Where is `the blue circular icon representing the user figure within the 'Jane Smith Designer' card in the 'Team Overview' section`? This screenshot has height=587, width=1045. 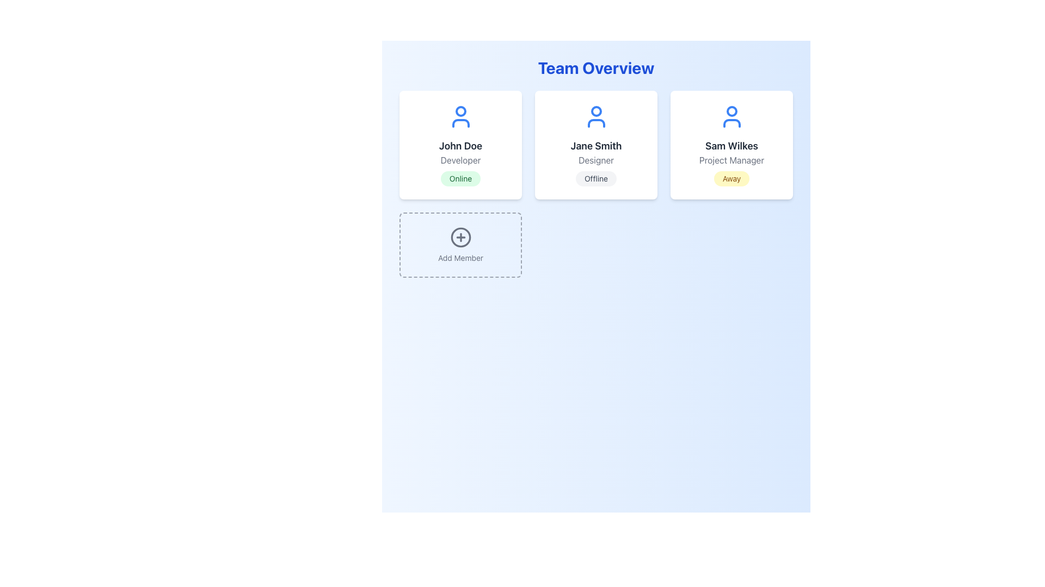 the blue circular icon representing the user figure within the 'Jane Smith Designer' card in the 'Team Overview' section is located at coordinates (595, 111).